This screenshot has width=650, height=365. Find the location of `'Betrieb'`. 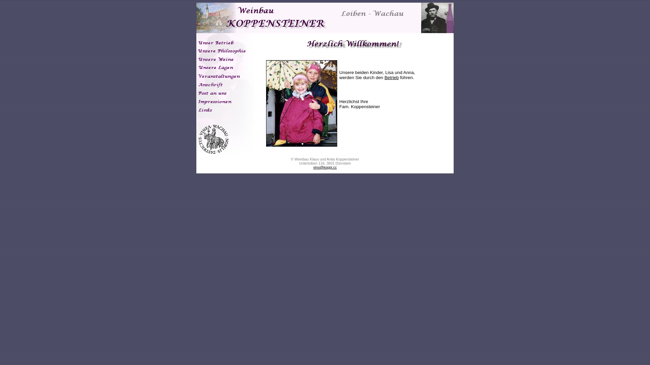

'Betrieb' is located at coordinates (391, 77).